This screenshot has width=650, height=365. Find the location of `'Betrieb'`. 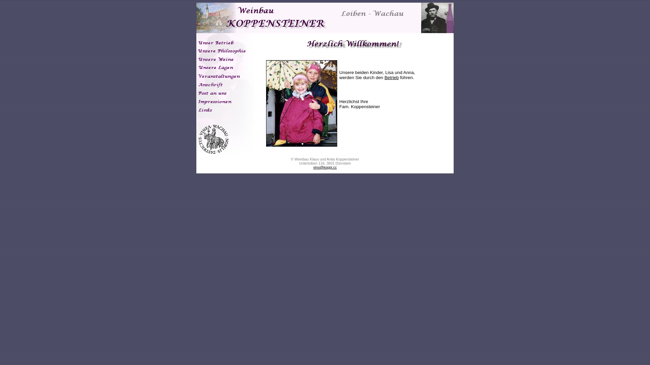

'Betrieb' is located at coordinates (391, 77).